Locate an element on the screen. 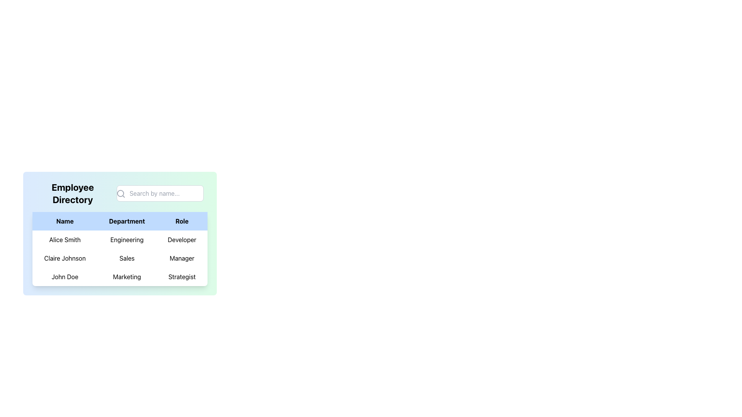  information in the first row of the employee directory table that contains the name 'Alice Smith', department 'Engineering', and role 'Developer' is located at coordinates (119, 239).